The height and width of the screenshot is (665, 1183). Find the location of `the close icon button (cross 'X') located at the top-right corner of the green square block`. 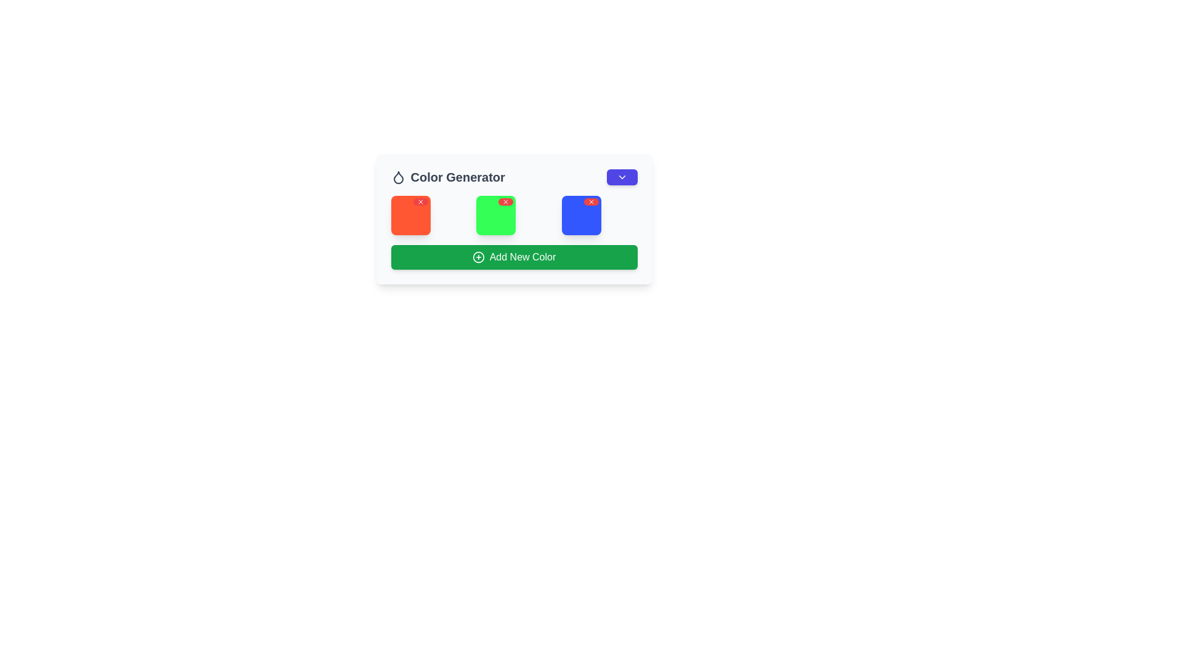

the close icon button (cross 'X') located at the top-right corner of the green square block is located at coordinates (506, 201).